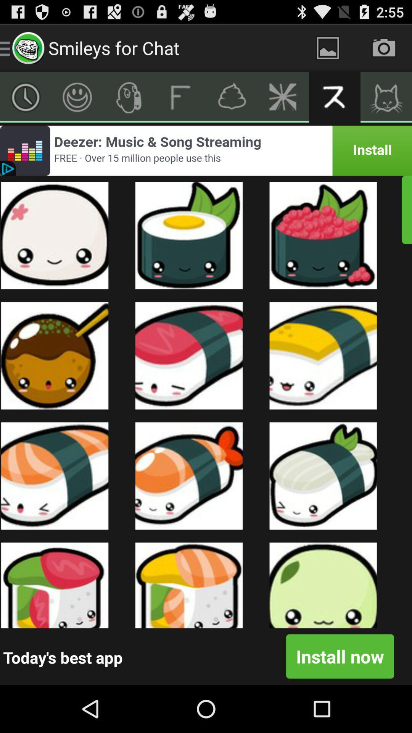 The height and width of the screenshot is (733, 412). Describe the element at coordinates (77, 97) in the screenshot. I see `emotion` at that location.